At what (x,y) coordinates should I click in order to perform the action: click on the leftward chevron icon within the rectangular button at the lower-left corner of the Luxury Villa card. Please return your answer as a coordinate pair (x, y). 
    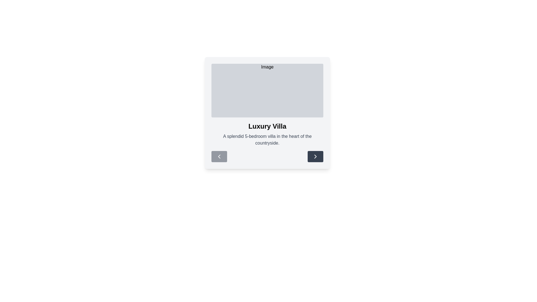
    Looking at the image, I should click on (219, 156).